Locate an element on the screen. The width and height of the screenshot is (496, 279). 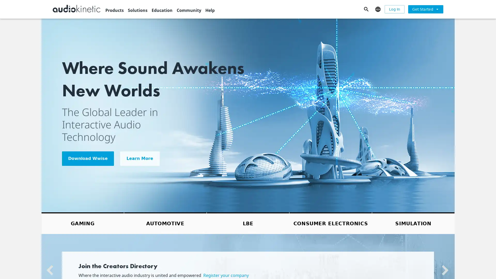
Get Started arrow_drop_down is located at coordinates (425, 9).